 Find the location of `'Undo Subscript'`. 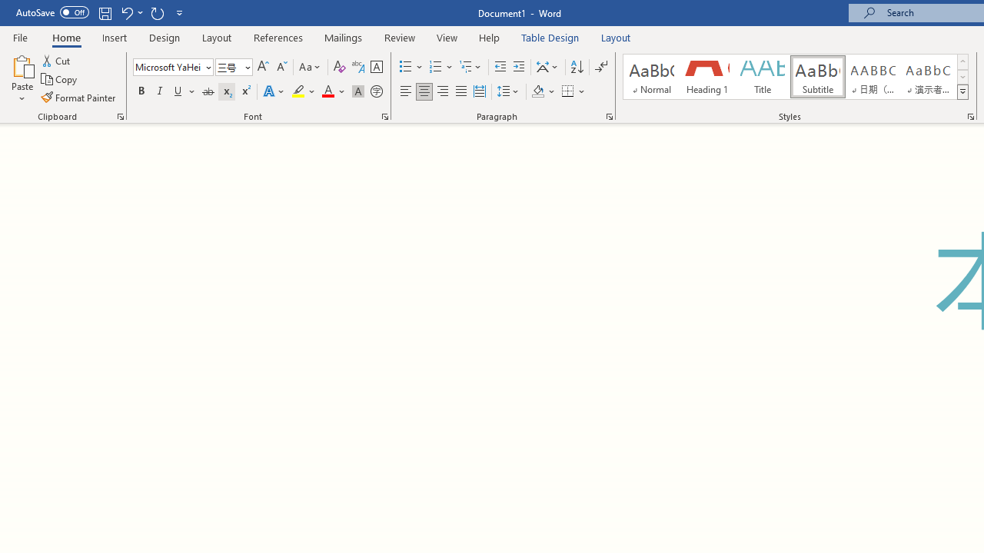

'Undo Subscript' is located at coordinates (126, 12).